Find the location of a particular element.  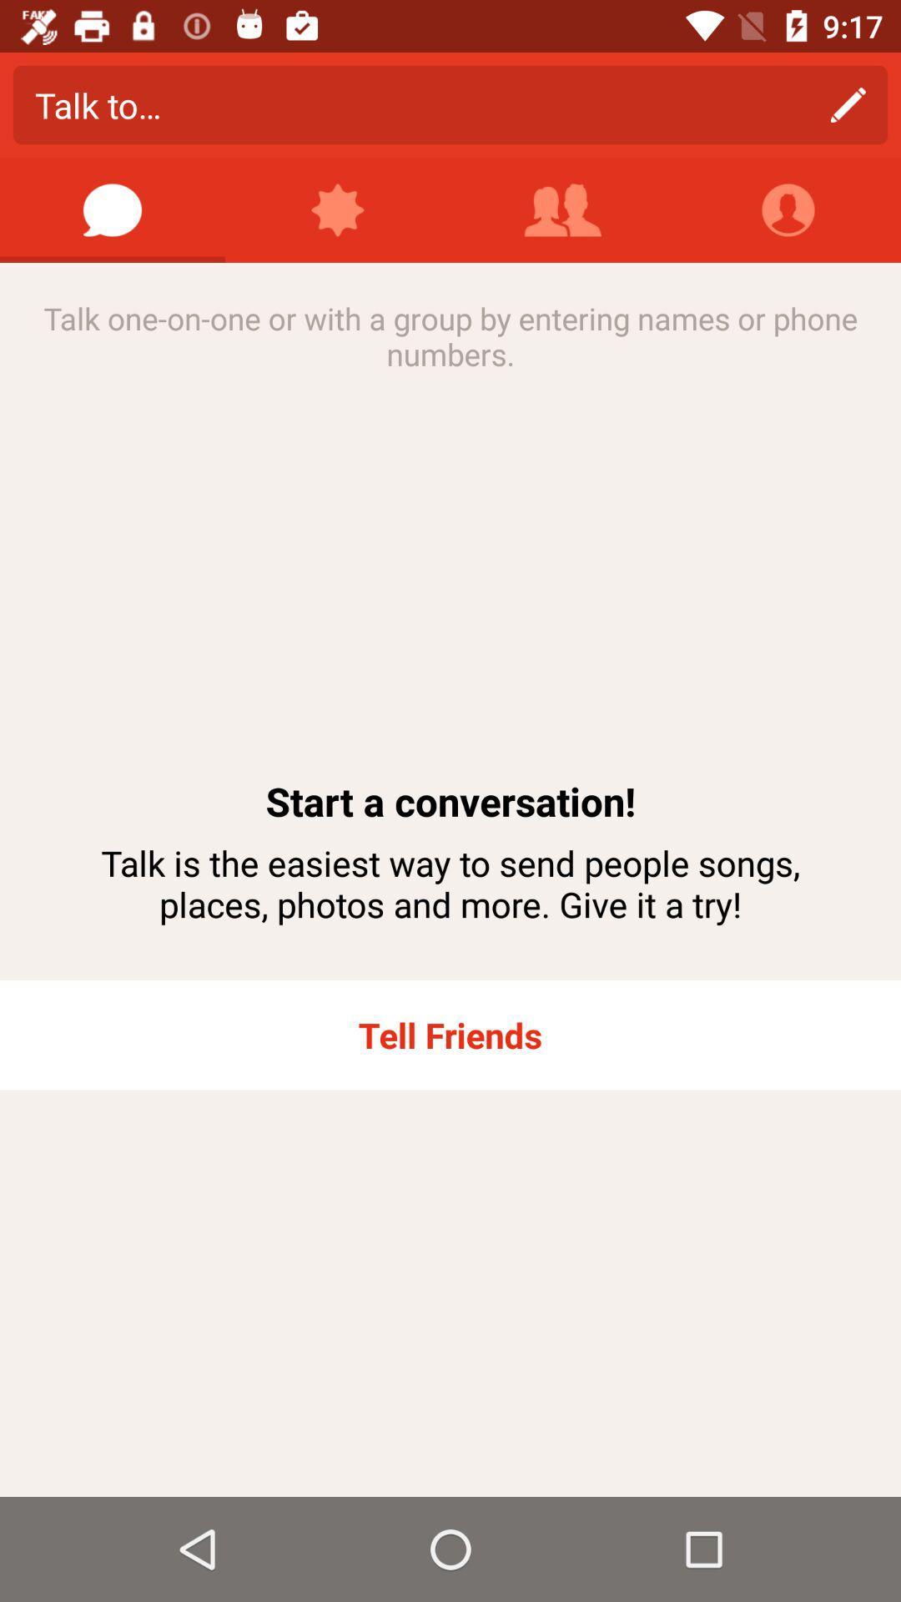

the settings icon is located at coordinates (338, 209).